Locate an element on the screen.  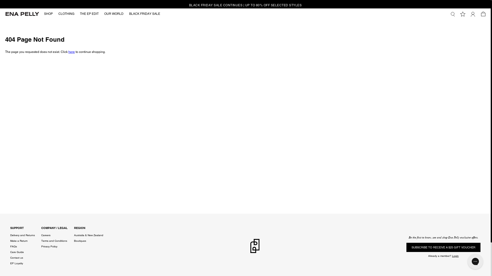
'SHOP' is located at coordinates (44, 14).